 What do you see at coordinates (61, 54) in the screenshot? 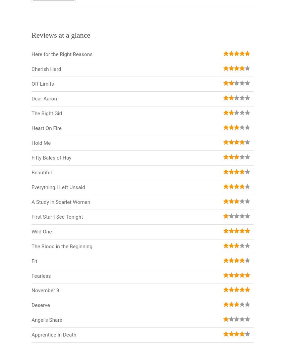
I see `'Here for the Right Reasons'` at bounding box center [61, 54].